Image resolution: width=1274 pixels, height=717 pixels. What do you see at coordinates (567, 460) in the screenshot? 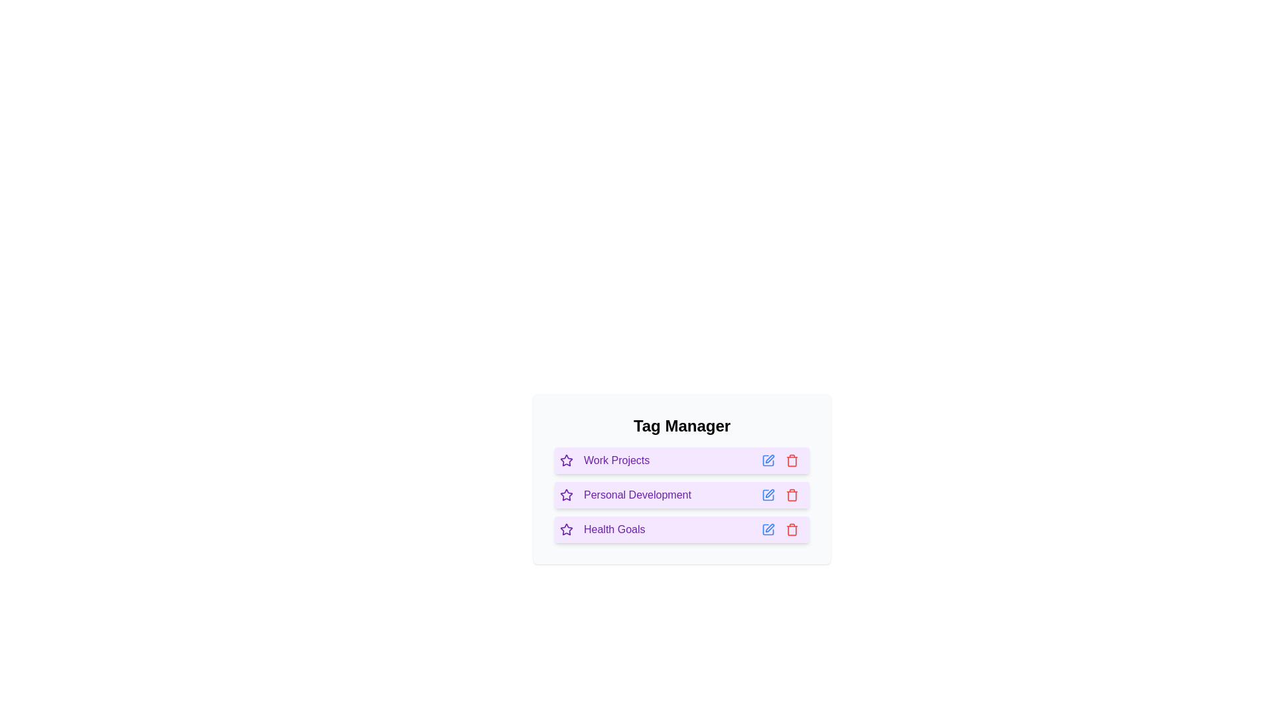
I see `the star icon next to the tag Work Projects` at bounding box center [567, 460].